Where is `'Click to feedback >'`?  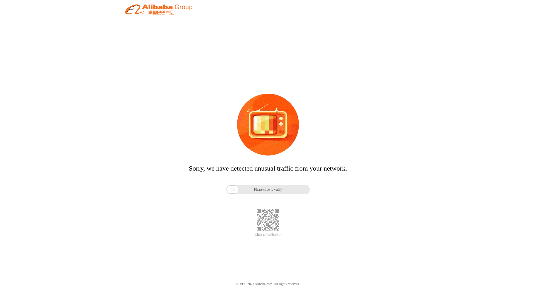
'Click to feedback >' is located at coordinates (268, 235).